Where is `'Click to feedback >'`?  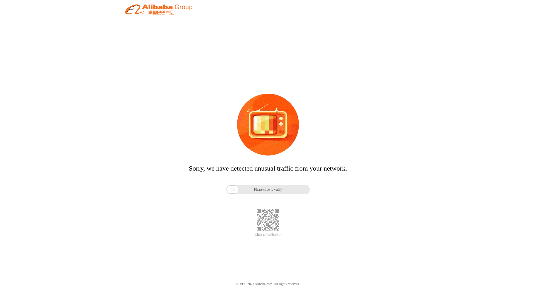
'Click to feedback >' is located at coordinates (268, 235).